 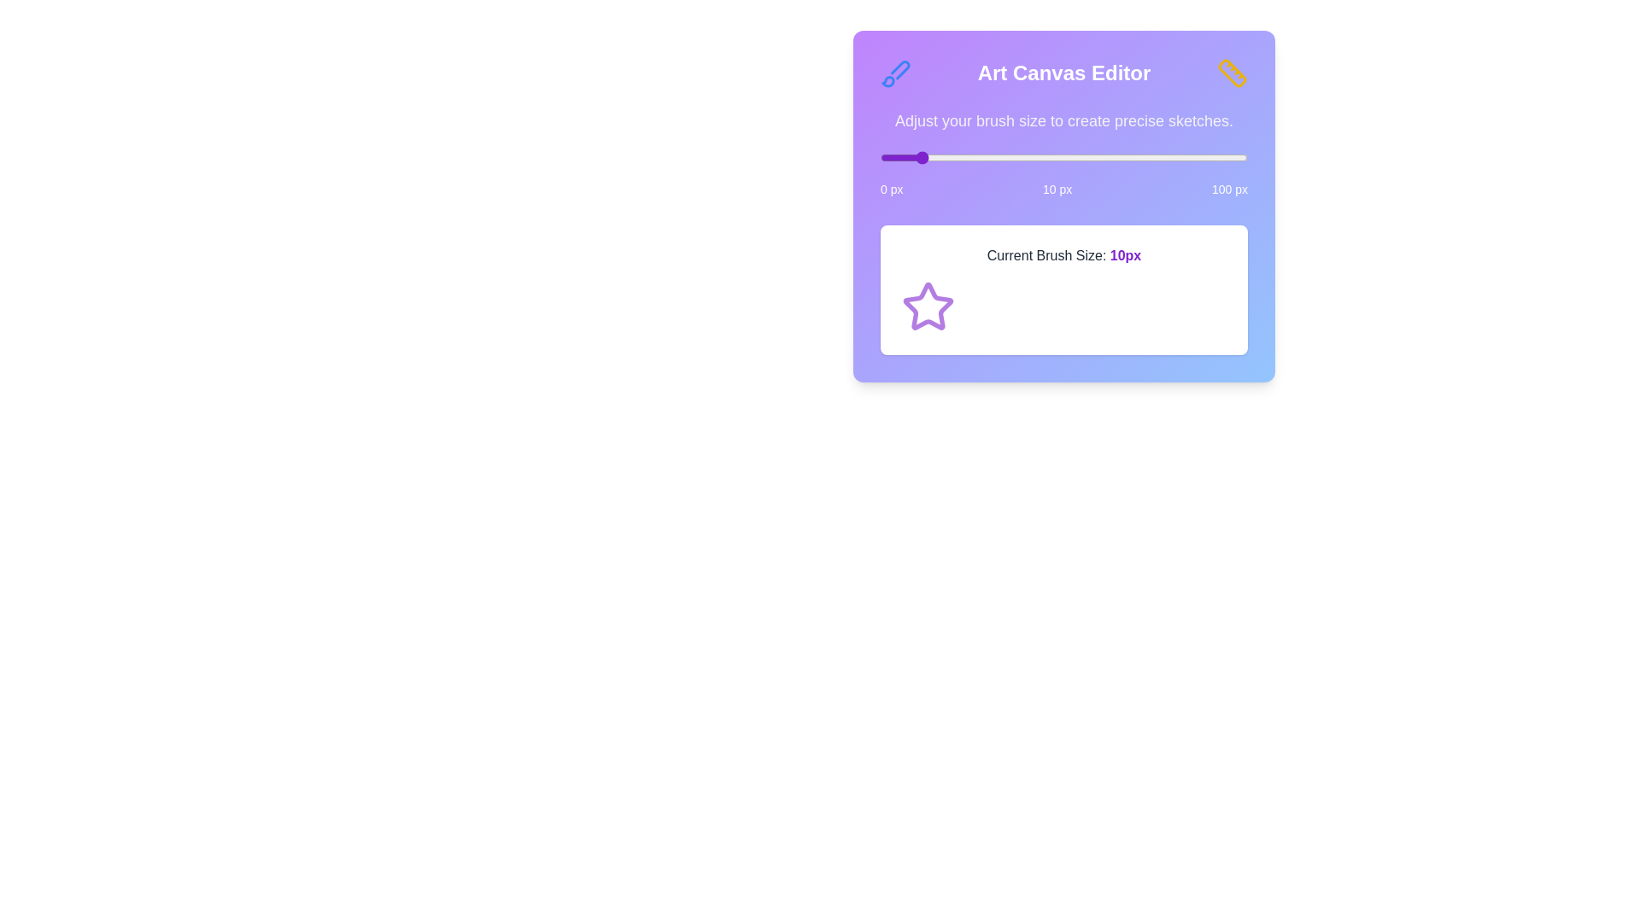 What do you see at coordinates (894, 158) in the screenshot?
I see `the brush size slider to 4 px` at bounding box center [894, 158].